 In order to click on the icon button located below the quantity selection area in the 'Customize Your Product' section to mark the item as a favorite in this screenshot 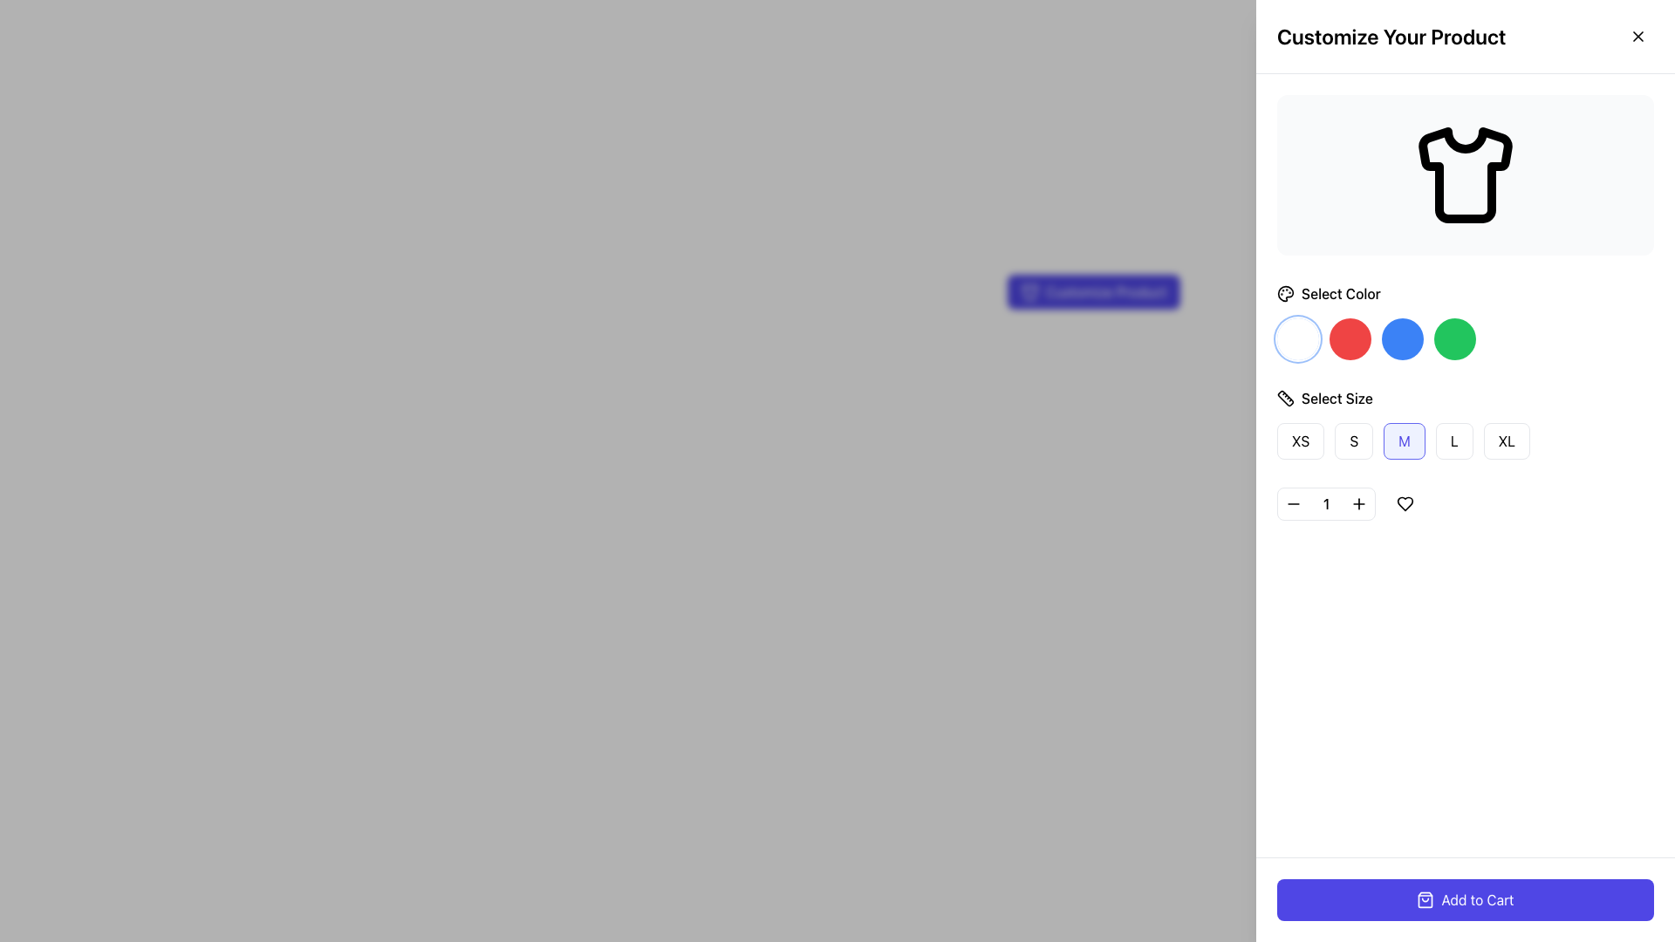, I will do `click(1405, 504)`.